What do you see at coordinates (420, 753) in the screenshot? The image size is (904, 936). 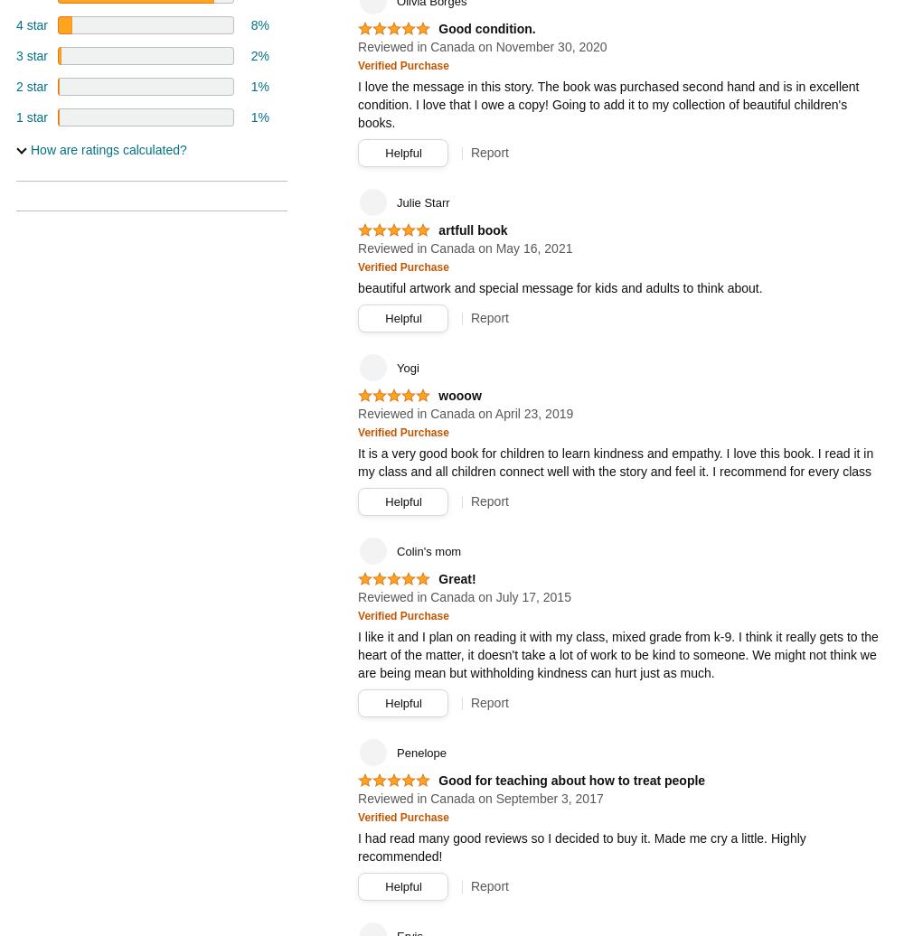 I see `'Penelope'` at bounding box center [420, 753].